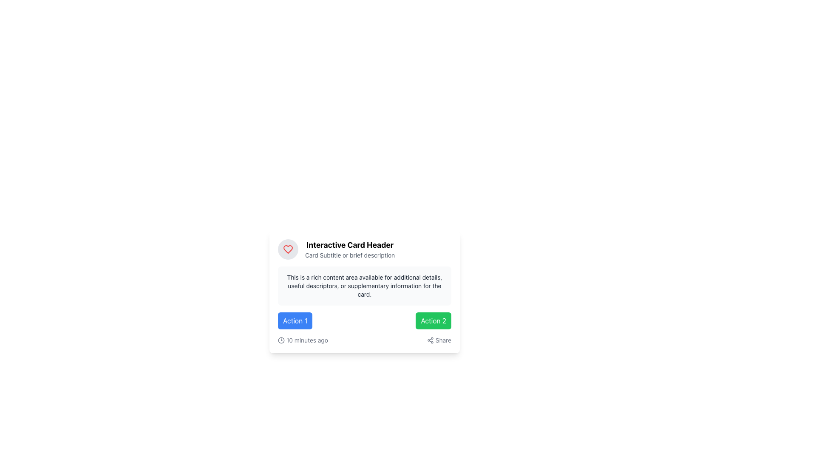 The width and height of the screenshot is (816, 459). Describe the element at coordinates (433, 321) in the screenshot. I see `the button labeled 'Action 2' with a green background` at that location.